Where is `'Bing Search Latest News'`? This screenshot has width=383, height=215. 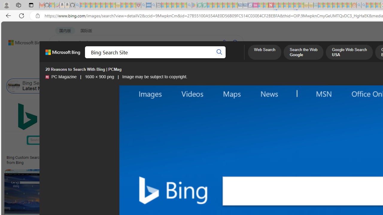
'Bing Search Latest News' is located at coordinates (31, 86).